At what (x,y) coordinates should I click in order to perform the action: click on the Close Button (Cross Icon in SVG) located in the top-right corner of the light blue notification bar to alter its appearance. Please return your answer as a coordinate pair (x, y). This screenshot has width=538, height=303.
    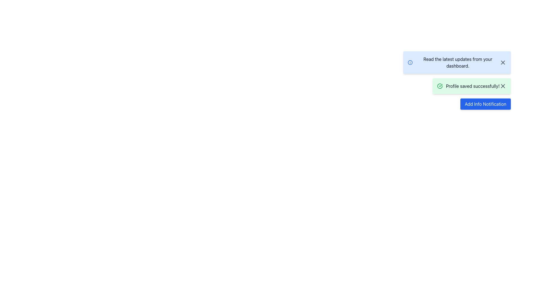
    Looking at the image, I should click on (503, 63).